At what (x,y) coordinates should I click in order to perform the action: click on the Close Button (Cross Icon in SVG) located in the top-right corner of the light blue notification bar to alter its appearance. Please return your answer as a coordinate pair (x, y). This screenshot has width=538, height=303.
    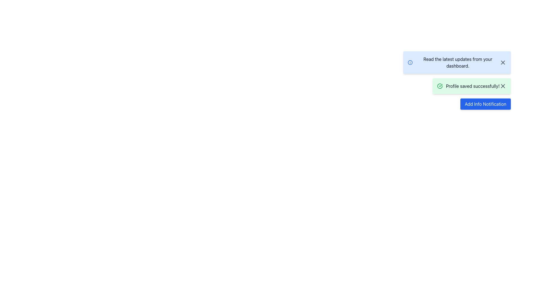
    Looking at the image, I should click on (503, 63).